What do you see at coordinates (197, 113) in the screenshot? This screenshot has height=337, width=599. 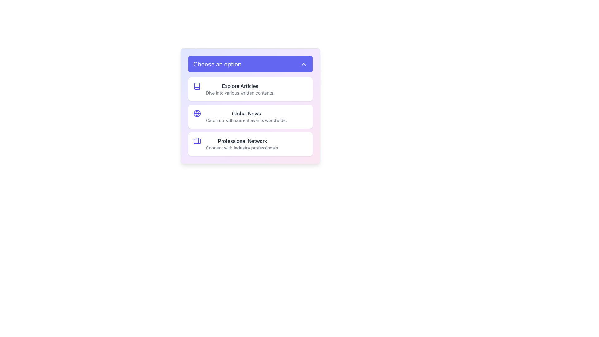 I see `the globe icon, which is the leftmost icon in the 'Global News' option, located centrally in the second row of the menu` at bounding box center [197, 113].